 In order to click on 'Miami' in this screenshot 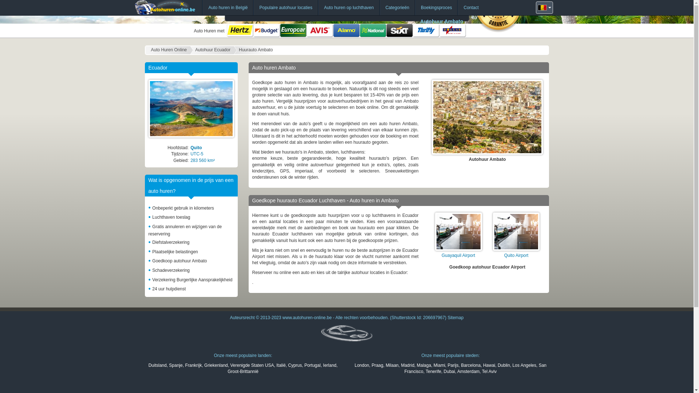, I will do `click(439, 365)`.